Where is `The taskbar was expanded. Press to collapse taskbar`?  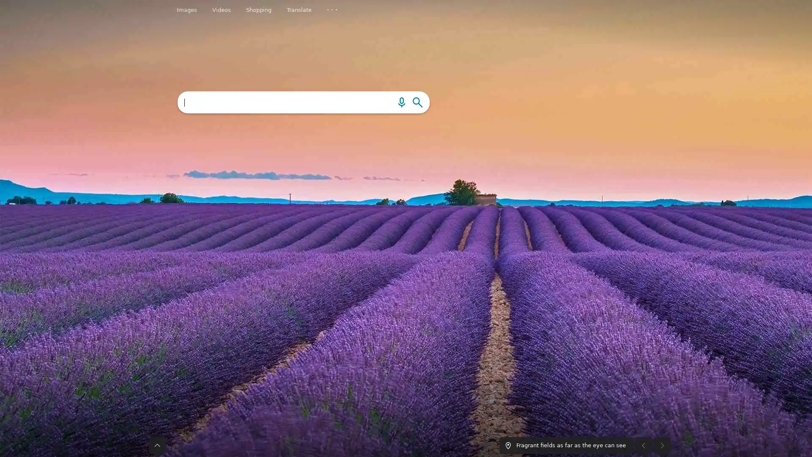 The taskbar was expanded. Press to collapse taskbar is located at coordinates (157, 329).